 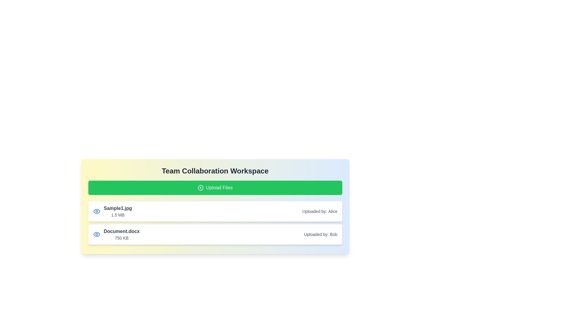 What do you see at coordinates (118, 208) in the screenshot?
I see `the static text label displaying 'Sample1.jpg' in bold within the file listing interface` at bounding box center [118, 208].